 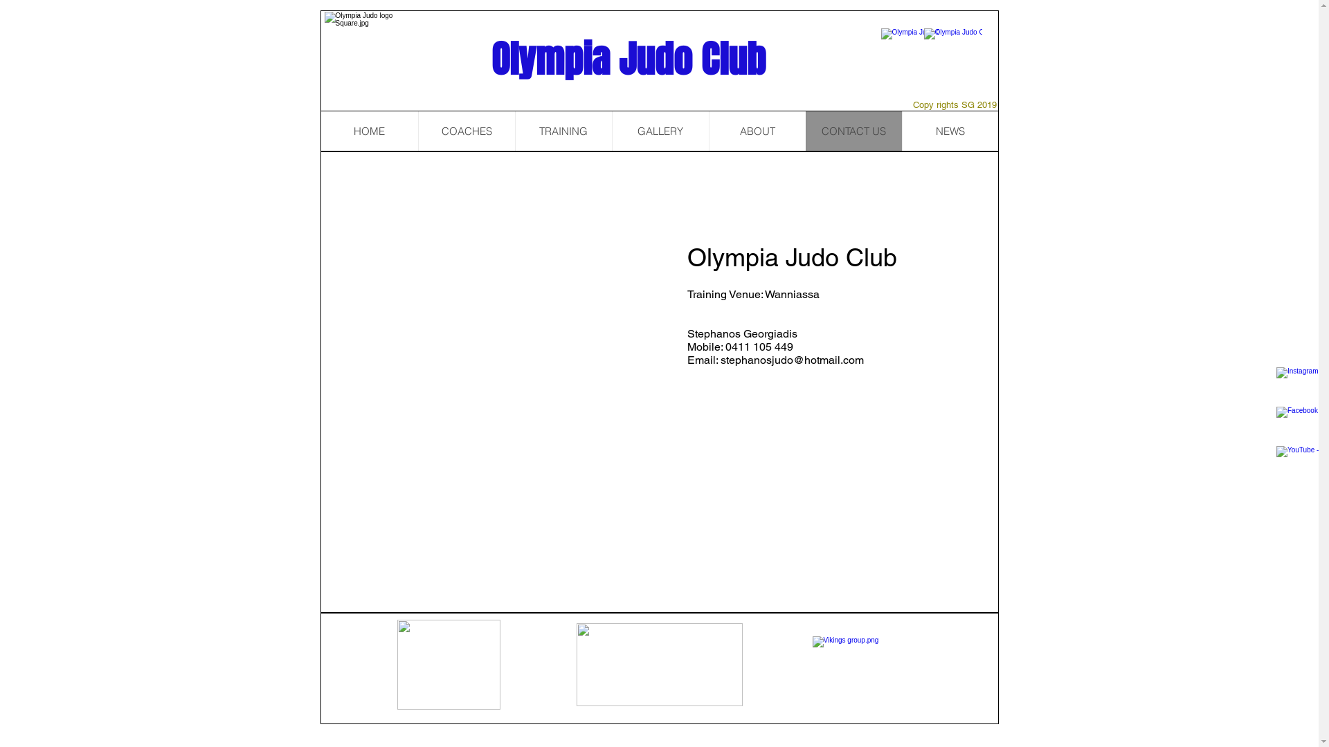 I want to click on 'GALLERY', so click(x=660, y=131).